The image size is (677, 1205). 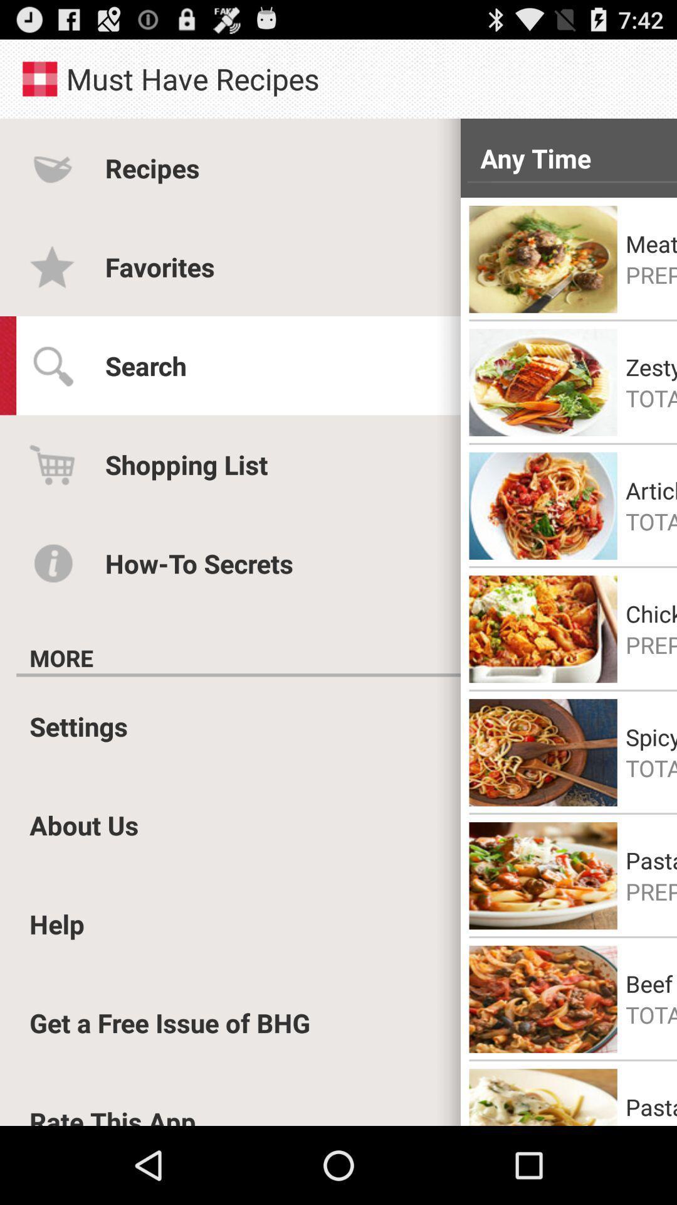 What do you see at coordinates (61, 657) in the screenshot?
I see `more` at bounding box center [61, 657].